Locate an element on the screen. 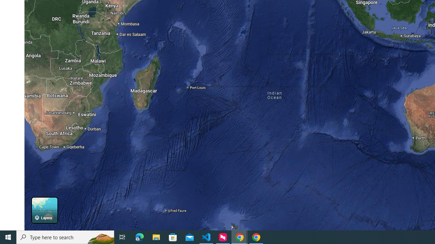 The image size is (435, 244). 'Layers' is located at coordinates (44, 210).